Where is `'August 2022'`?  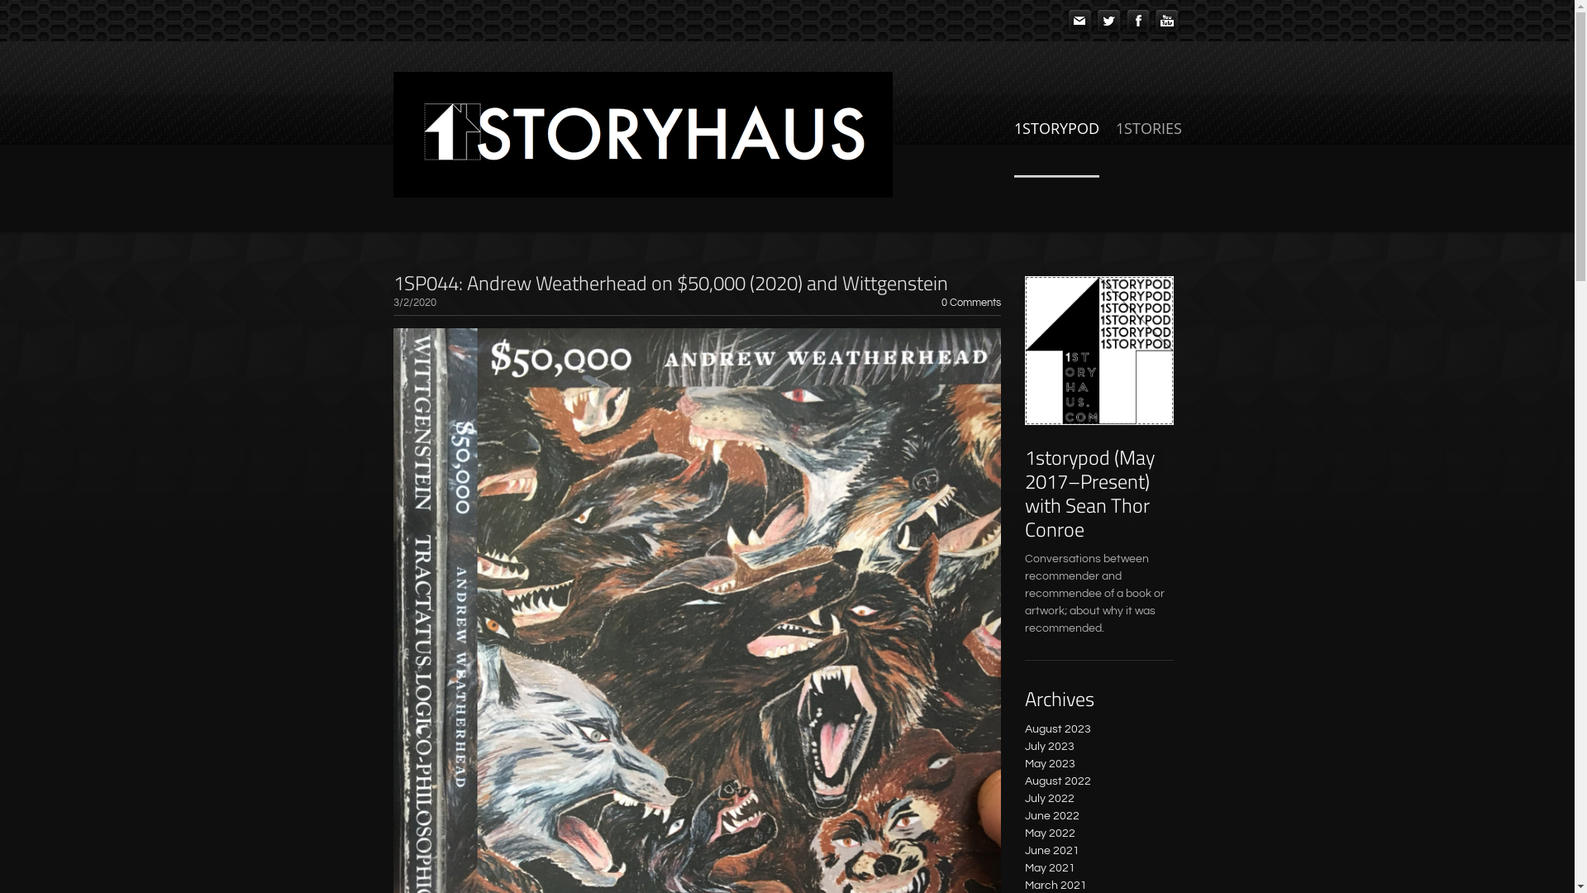
'August 2022' is located at coordinates (1058, 781).